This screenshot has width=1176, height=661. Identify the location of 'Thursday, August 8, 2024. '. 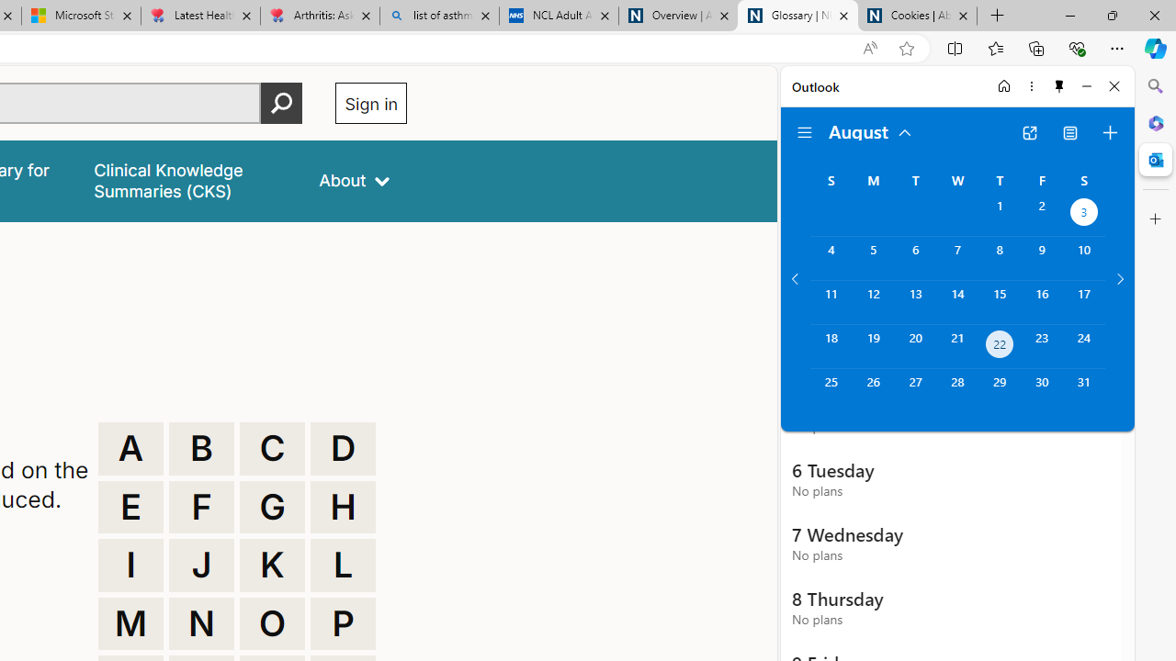
(999, 258).